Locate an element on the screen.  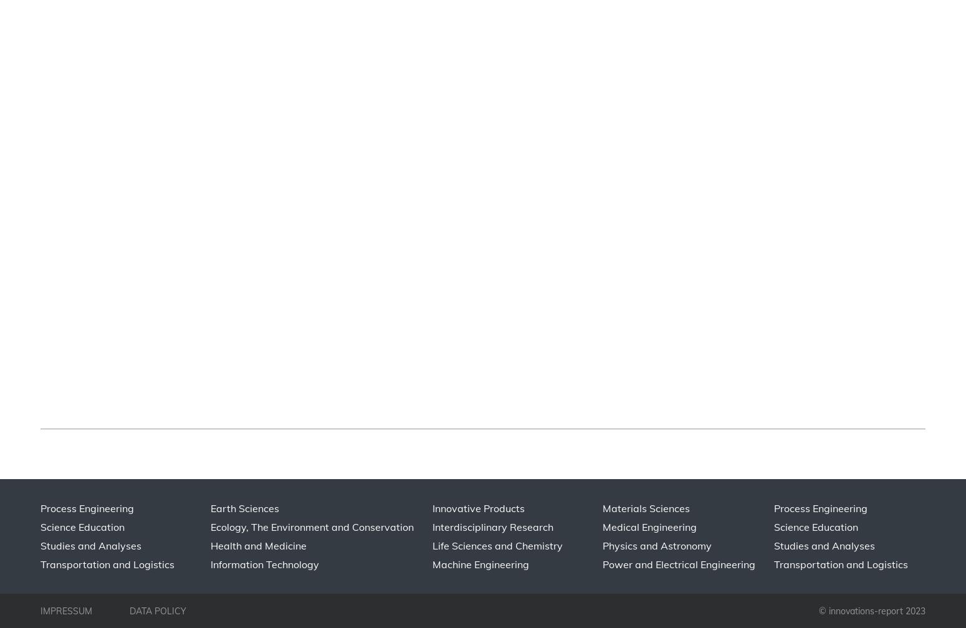
'Earth Sciences' is located at coordinates (244, 508).